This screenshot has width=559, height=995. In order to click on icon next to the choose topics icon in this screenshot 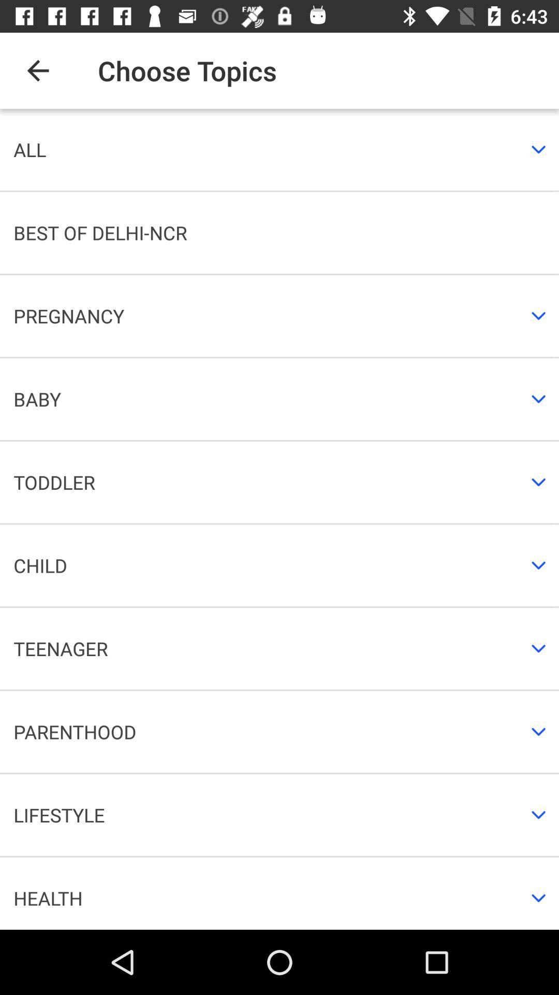, I will do `click(37, 70)`.